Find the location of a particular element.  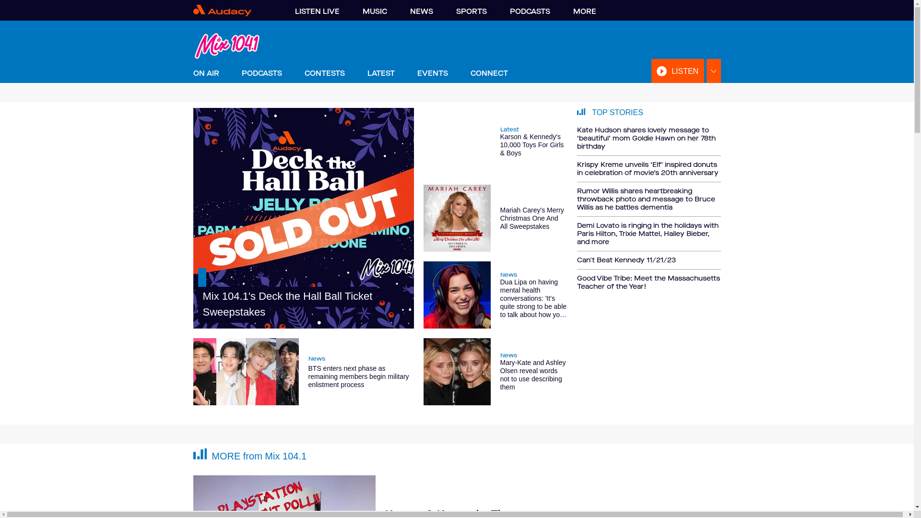

'LATEST' is located at coordinates (380, 73).